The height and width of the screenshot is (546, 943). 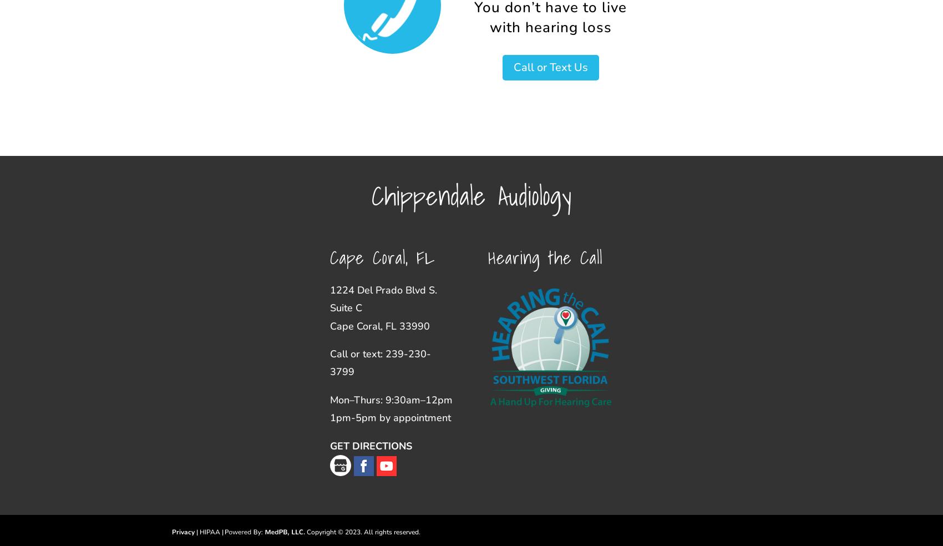 What do you see at coordinates (470, 194) in the screenshot?
I see `'Chippendale Audiology'` at bounding box center [470, 194].